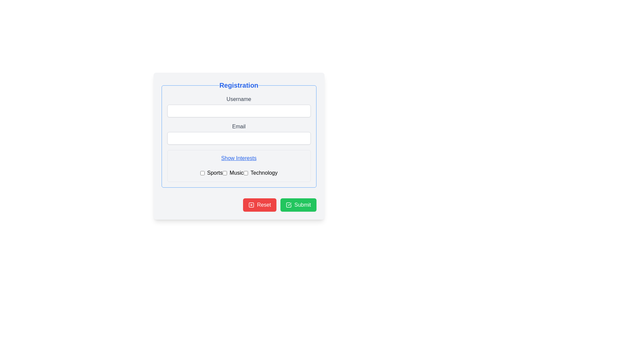  I want to click on the horizontally elongated text input field with a light border and rounded corners located beneath the 'Username' label in the registration form to enable typing, so click(239, 110).